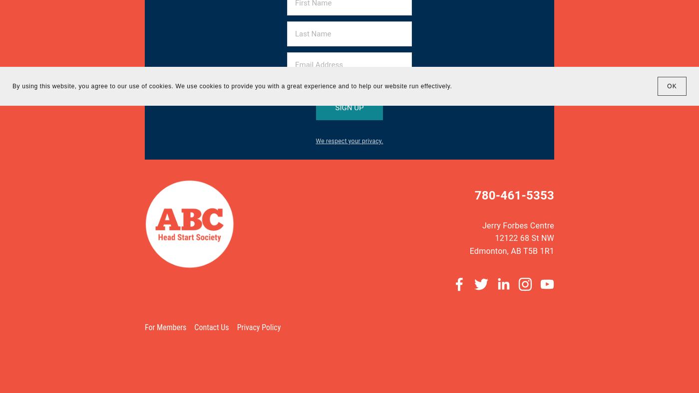 Image resolution: width=699 pixels, height=393 pixels. What do you see at coordinates (349, 140) in the screenshot?
I see `'We respect your privacy.'` at bounding box center [349, 140].